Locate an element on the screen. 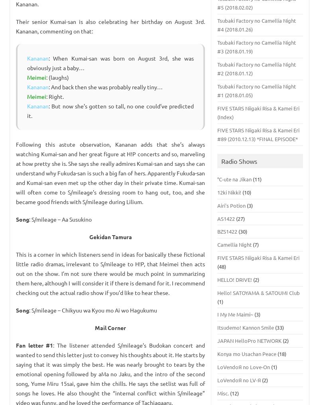 The height and width of the screenshot is (405, 319). '(12)' is located at coordinates (228, 393).